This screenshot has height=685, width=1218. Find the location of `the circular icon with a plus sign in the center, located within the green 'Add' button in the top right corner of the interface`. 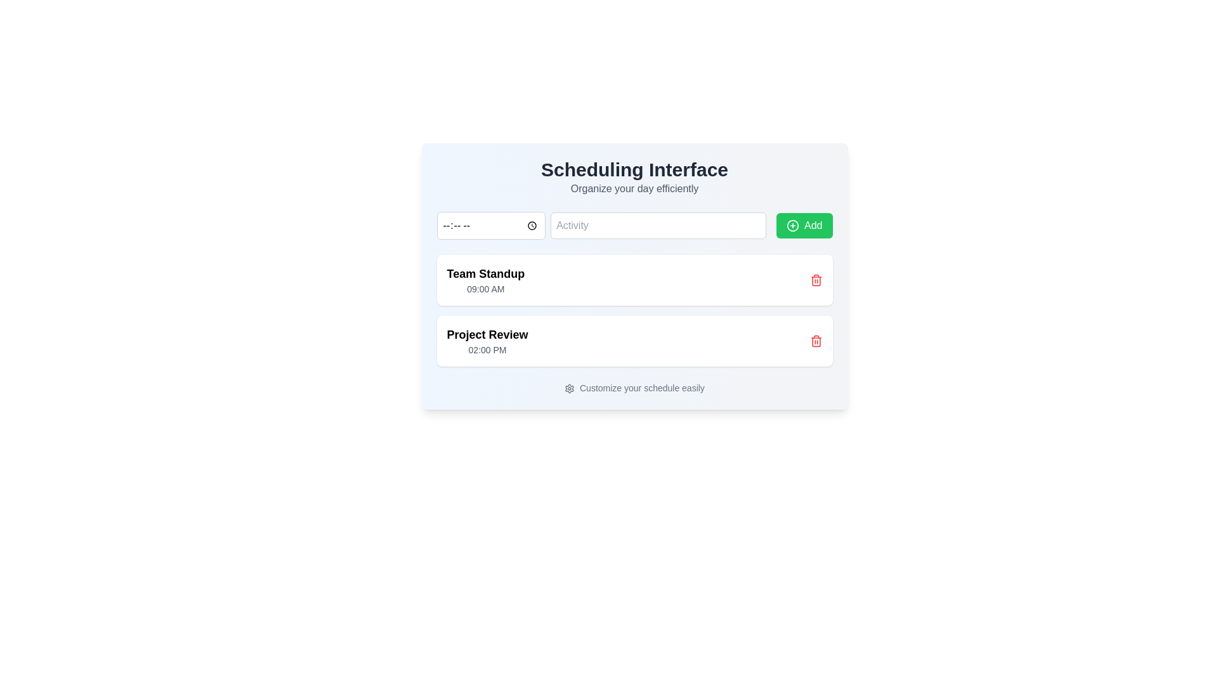

the circular icon with a plus sign in the center, located within the green 'Add' button in the top right corner of the interface is located at coordinates (792, 225).